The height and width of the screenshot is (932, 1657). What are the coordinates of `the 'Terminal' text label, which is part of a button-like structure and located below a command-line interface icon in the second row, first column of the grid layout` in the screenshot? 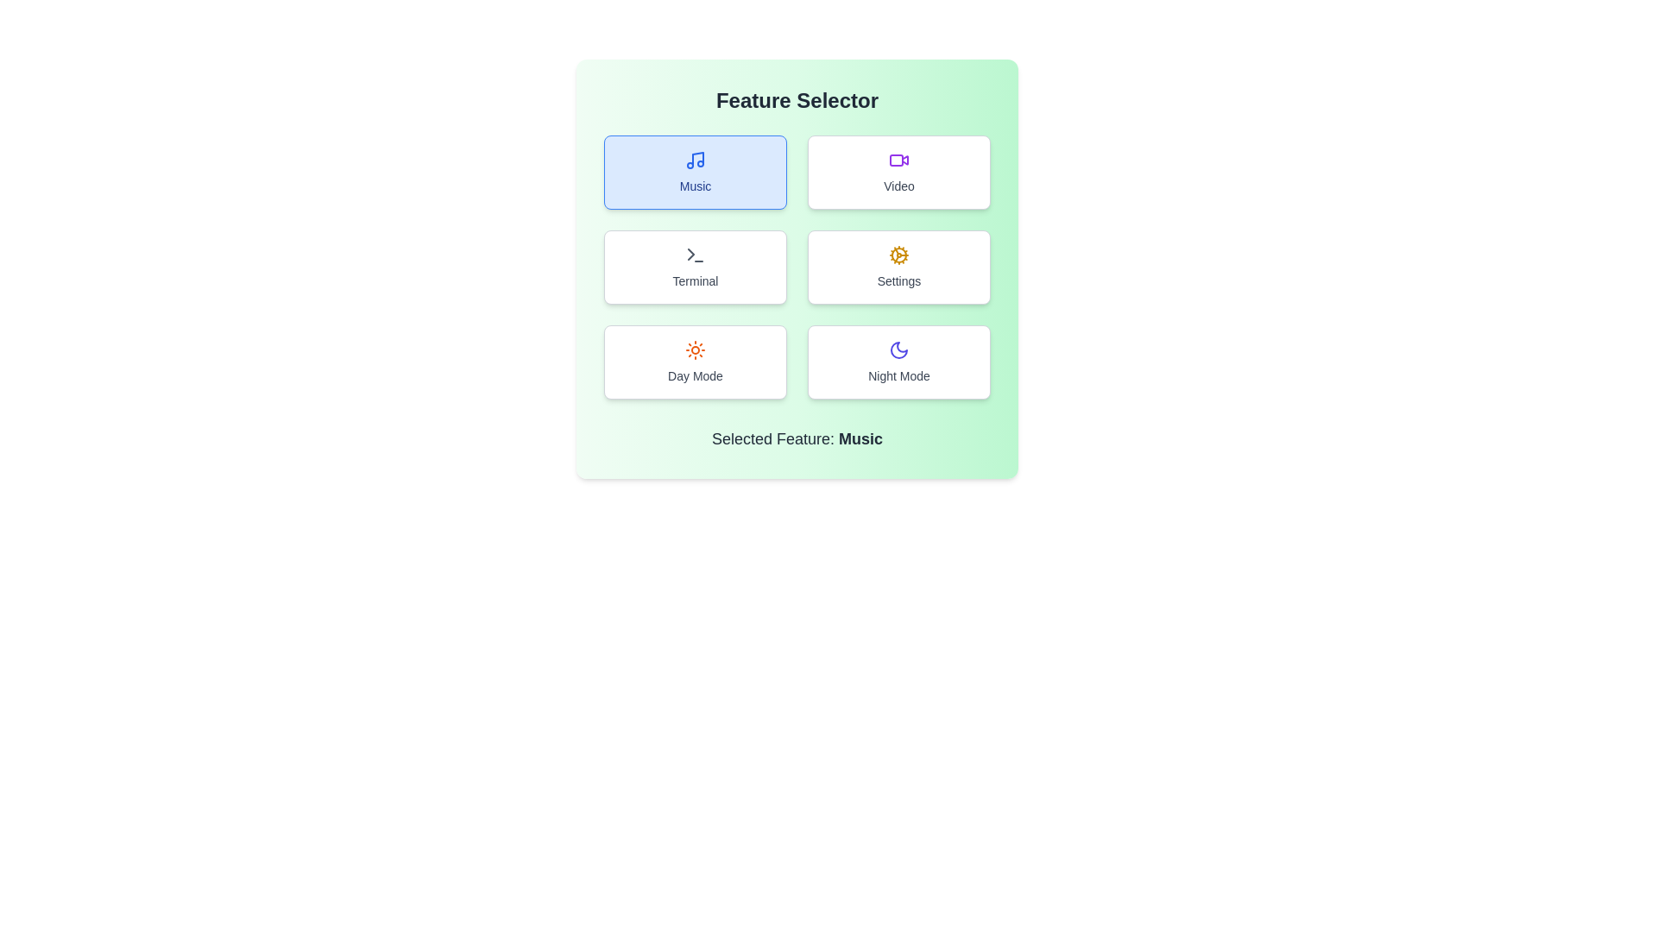 It's located at (696, 280).